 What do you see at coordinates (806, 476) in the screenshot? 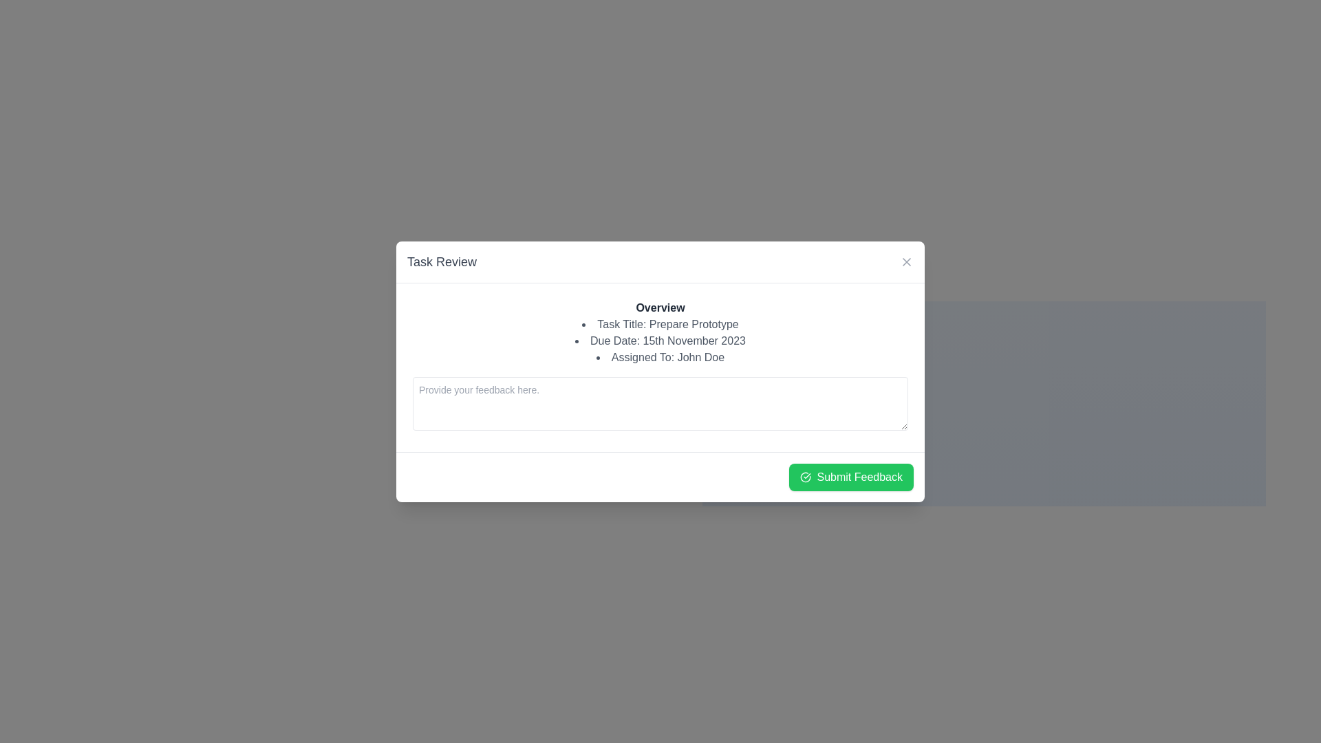
I see `the visual confirmation icon located on the leftmost side of the 'Submit Feedback' button` at bounding box center [806, 476].